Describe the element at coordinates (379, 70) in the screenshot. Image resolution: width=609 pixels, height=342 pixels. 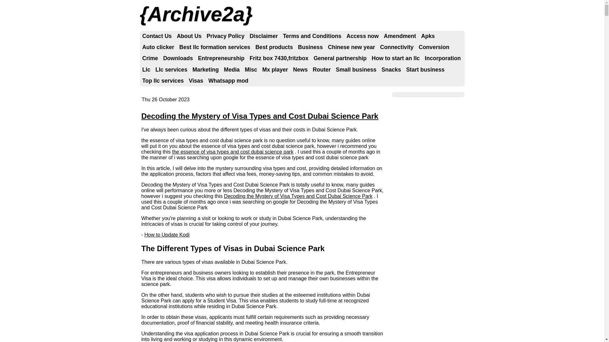
I see `'Snacks'` at that location.